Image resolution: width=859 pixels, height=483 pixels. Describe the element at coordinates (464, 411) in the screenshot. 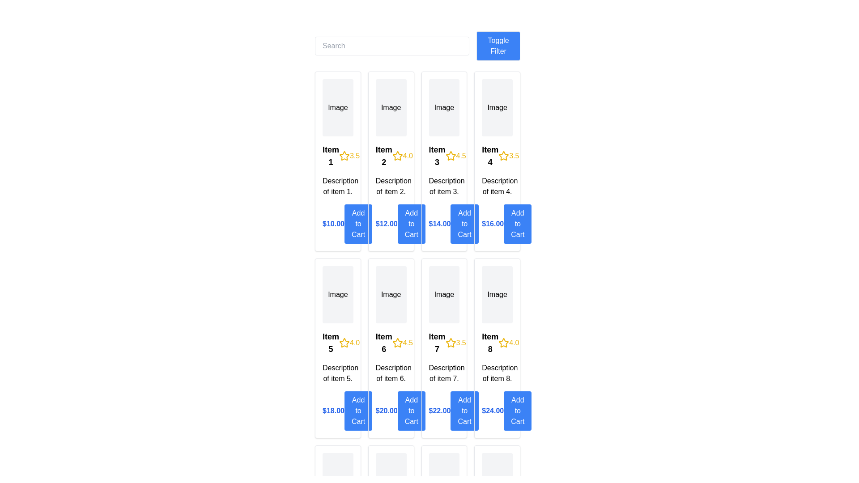

I see `the 'Add to Cart' button, which is a rectangular button with a blue background and white text, located in the bottom section of the card for 'Item 7'` at that location.